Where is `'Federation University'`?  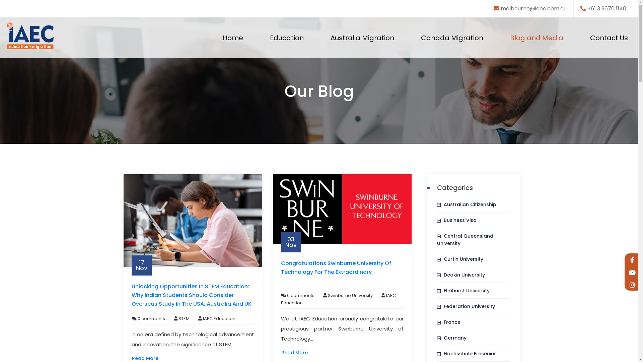 'Federation University' is located at coordinates (466, 306).